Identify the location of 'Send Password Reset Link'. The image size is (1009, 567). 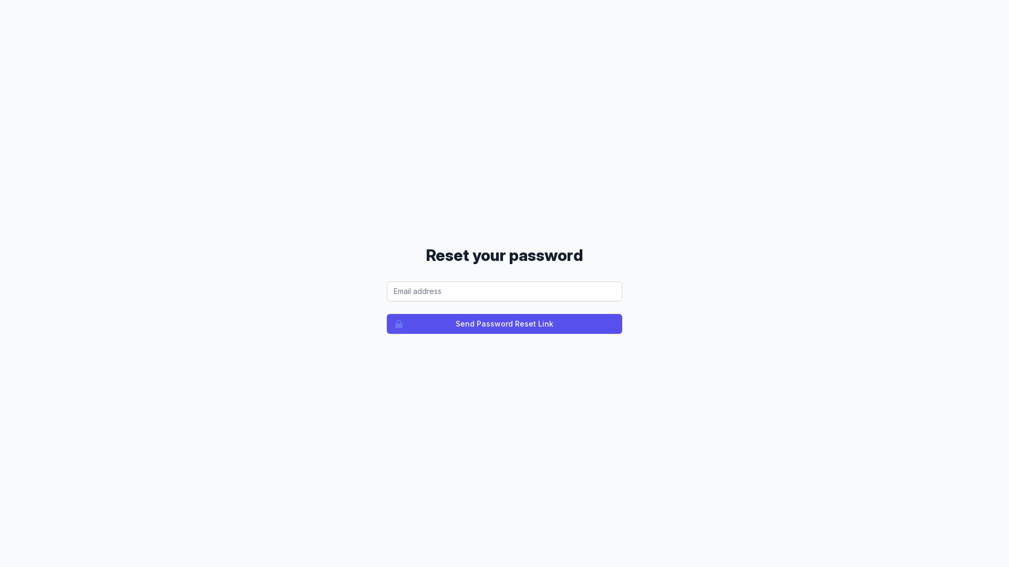
(504, 323).